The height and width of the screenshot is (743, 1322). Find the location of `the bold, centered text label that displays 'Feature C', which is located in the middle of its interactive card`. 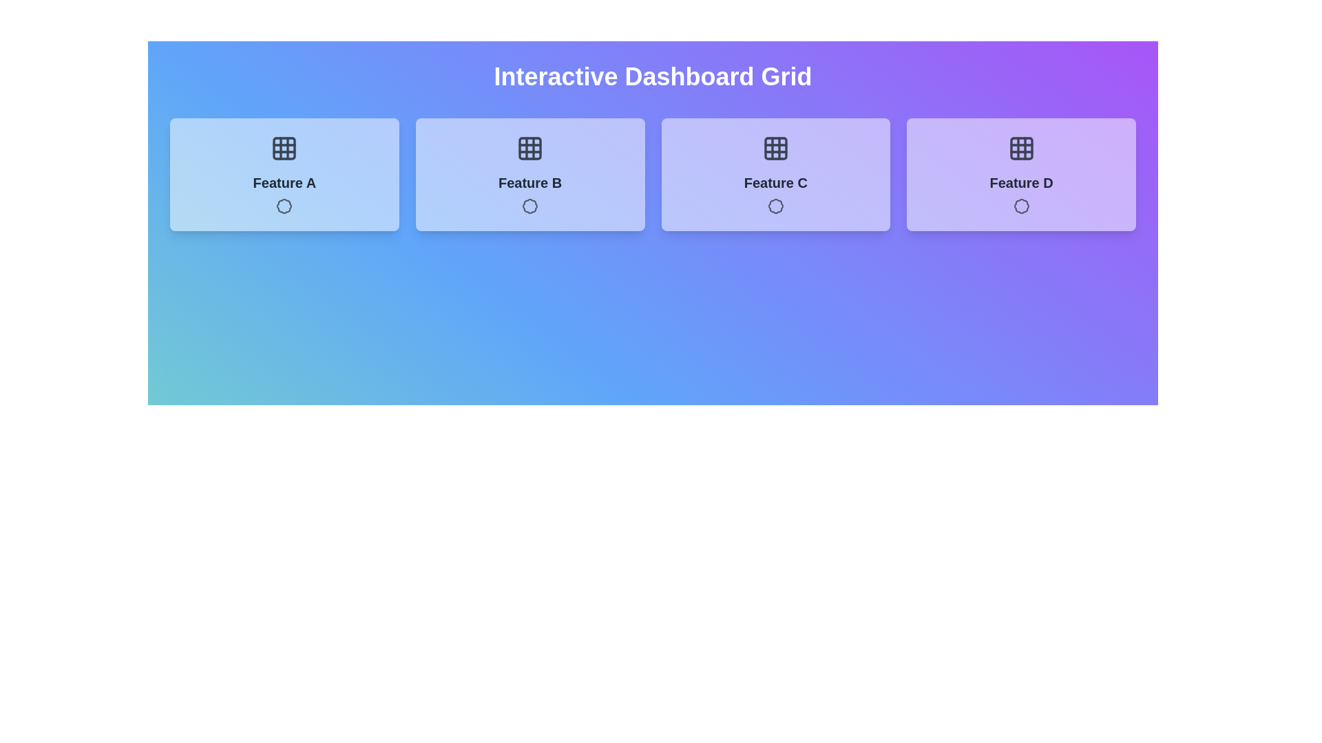

the bold, centered text label that displays 'Feature C', which is located in the middle of its interactive card is located at coordinates (775, 182).